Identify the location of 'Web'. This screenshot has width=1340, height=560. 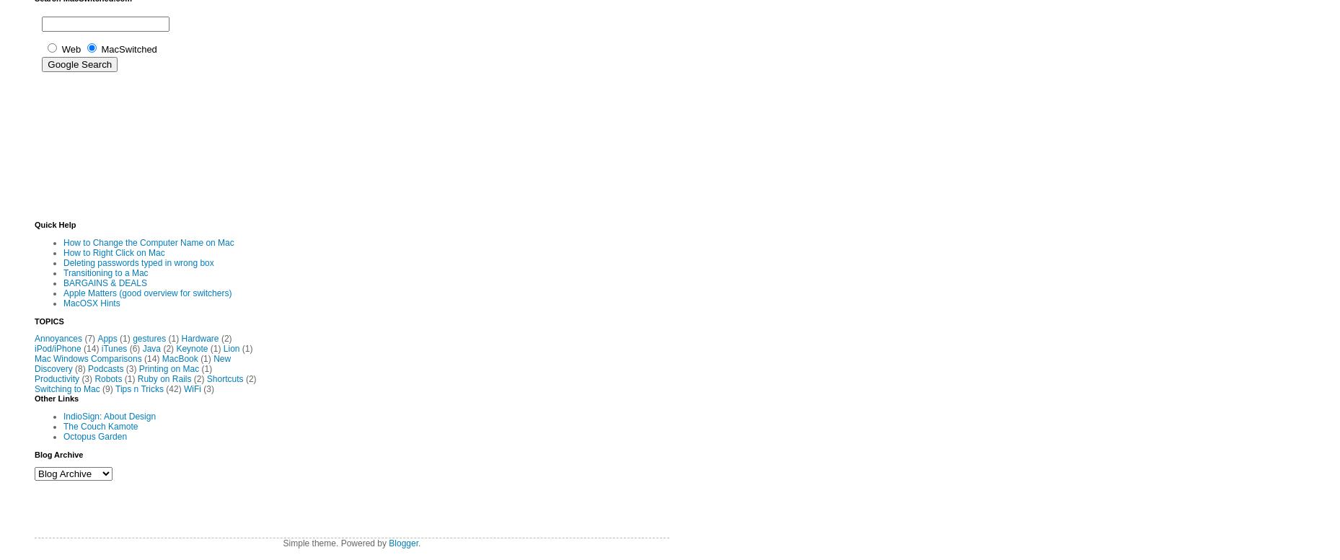
(71, 48).